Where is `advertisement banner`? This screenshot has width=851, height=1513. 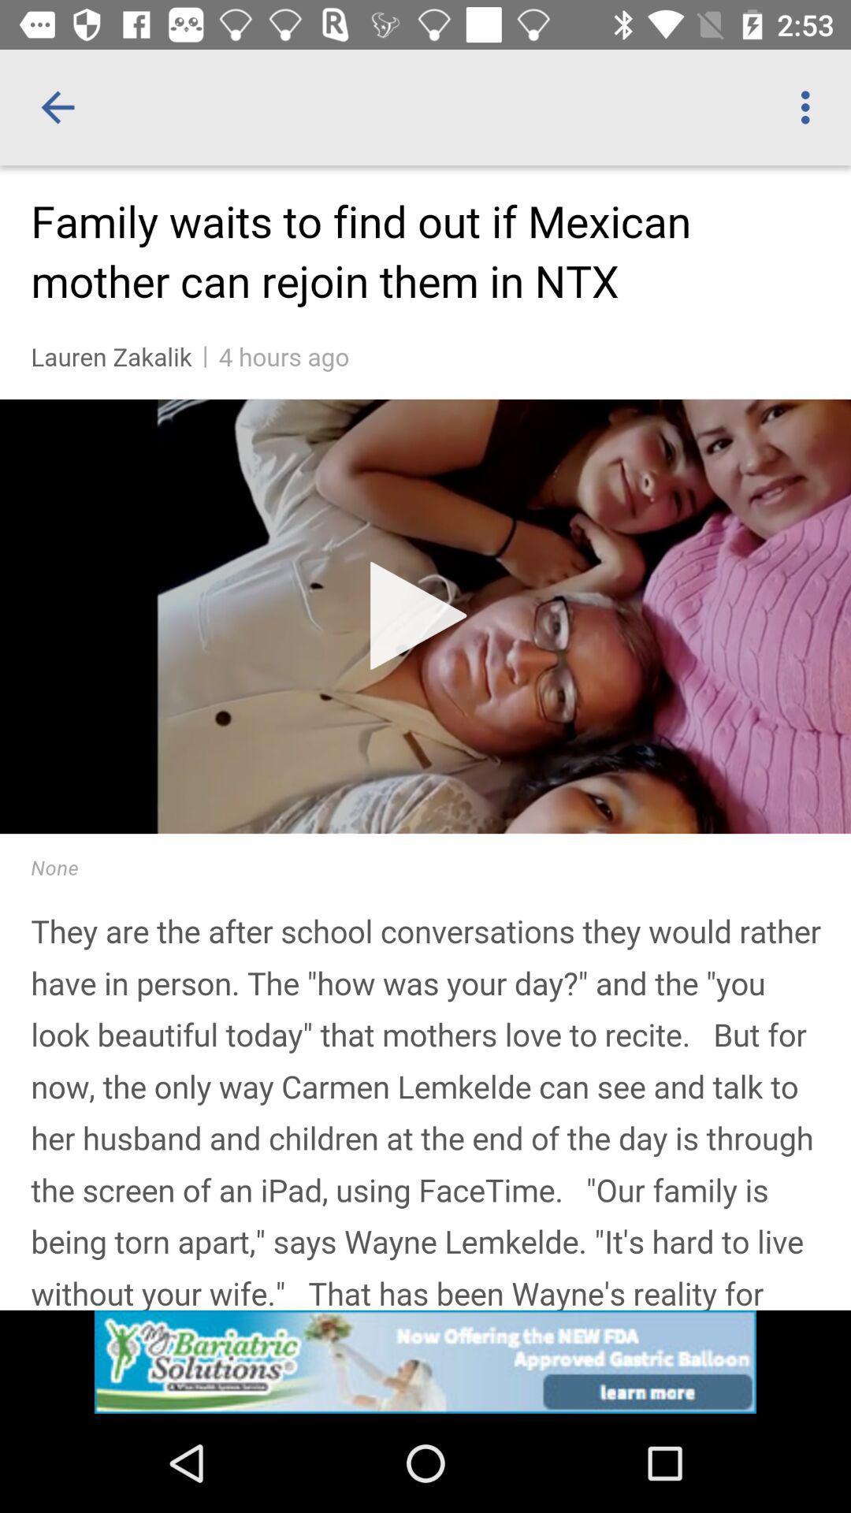 advertisement banner is located at coordinates (425, 1361).